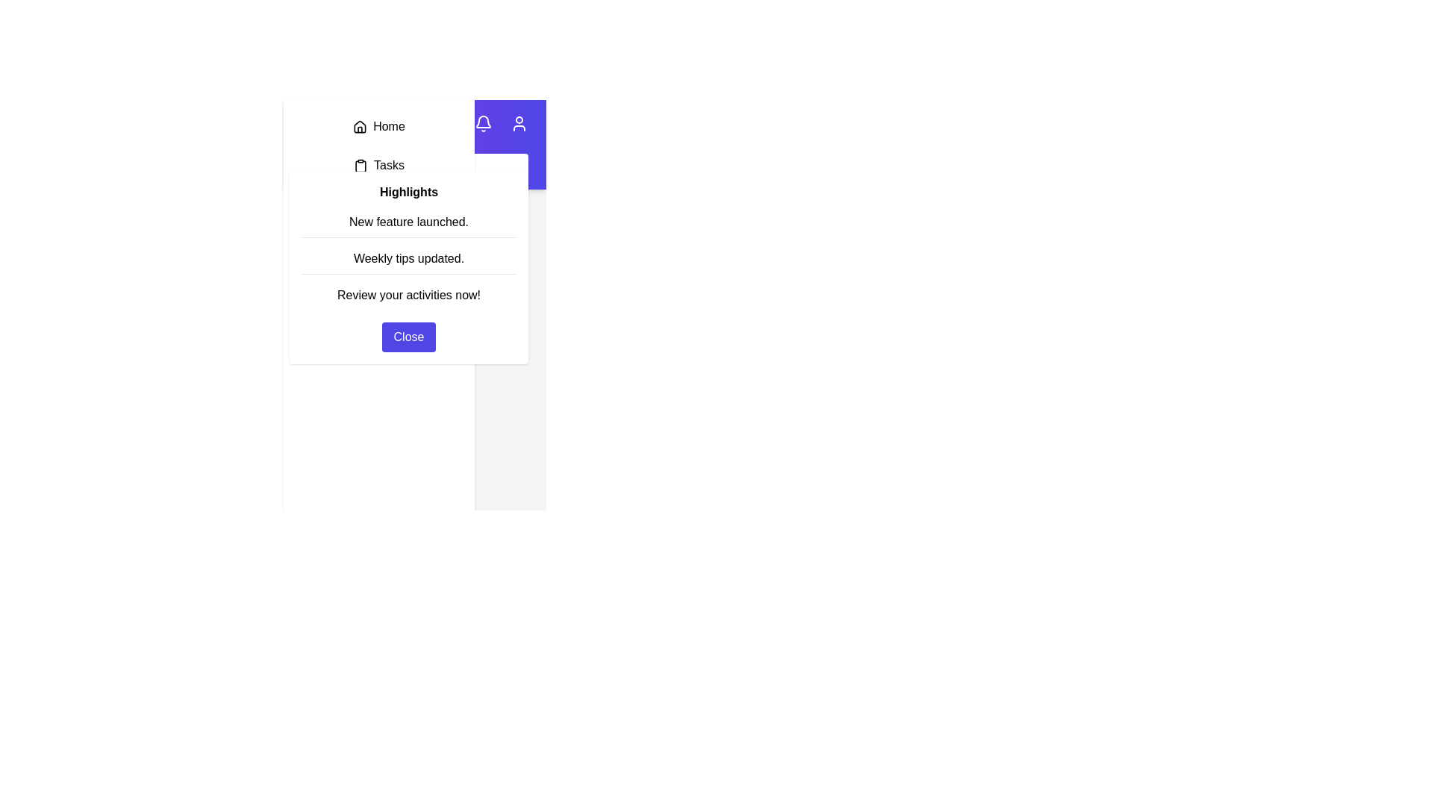 This screenshot has width=1433, height=806. Describe the element at coordinates (519, 122) in the screenshot. I see `the user icon button, which is a circular silhouette of a person styled in white lines on a purple background, located at the farthest right of a horizontal row of icons` at that location.